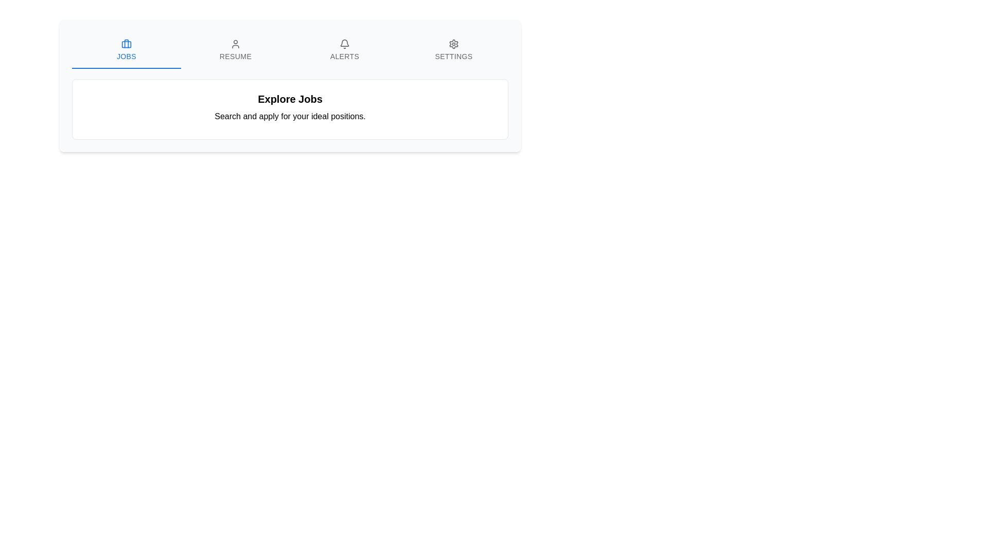 The image size is (988, 555). Describe the element at coordinates (126, 44) in the screenshot. I see `the decorative graphical component of the briefcase icon representing the 'JOBS' tab in the top left navigation menu` at that location.